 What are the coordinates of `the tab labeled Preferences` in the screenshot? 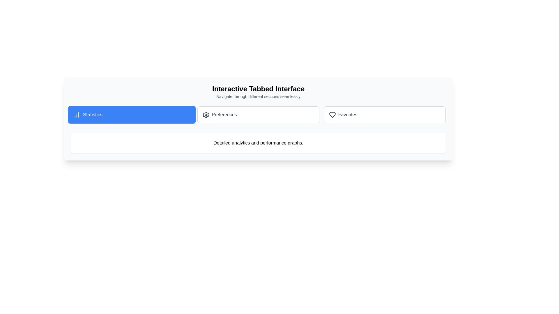 It's located at (258, 115).